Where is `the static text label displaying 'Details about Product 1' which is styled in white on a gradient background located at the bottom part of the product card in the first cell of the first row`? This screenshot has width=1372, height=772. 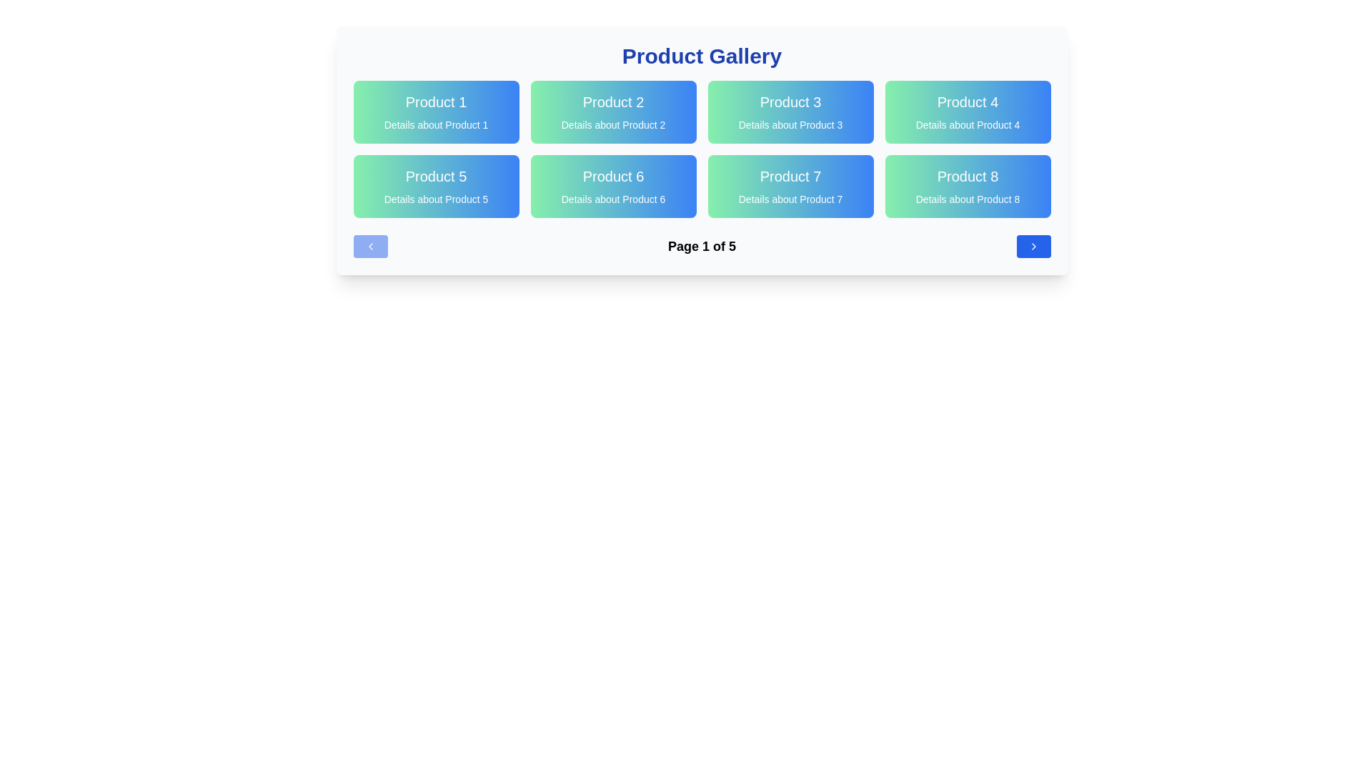
the static text label displaying 'Details about Product 1' which is styled in white on a gradient background located at the bottom part of the product card in the first cell of the first row is located at coordinates (435, 124).